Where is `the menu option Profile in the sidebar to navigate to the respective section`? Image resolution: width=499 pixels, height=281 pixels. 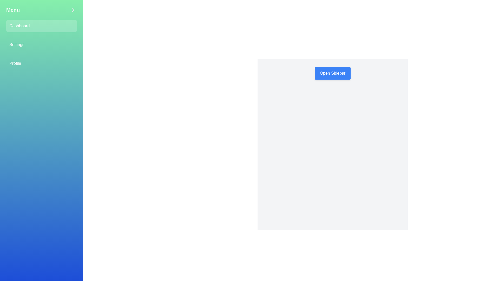
the menu option Profile in the sidebar to navigate to the respective section is located at coordinates (41, 63).